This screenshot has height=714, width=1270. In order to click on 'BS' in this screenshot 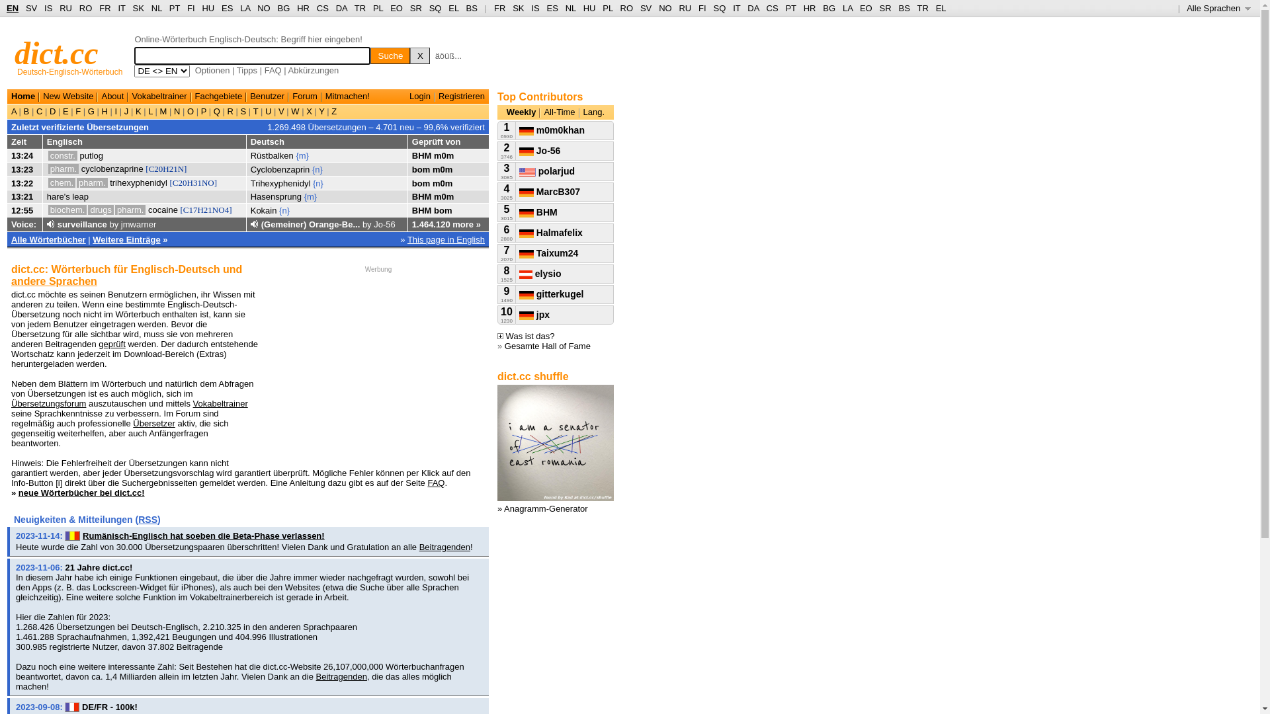, I will do `click(472, 8)`.